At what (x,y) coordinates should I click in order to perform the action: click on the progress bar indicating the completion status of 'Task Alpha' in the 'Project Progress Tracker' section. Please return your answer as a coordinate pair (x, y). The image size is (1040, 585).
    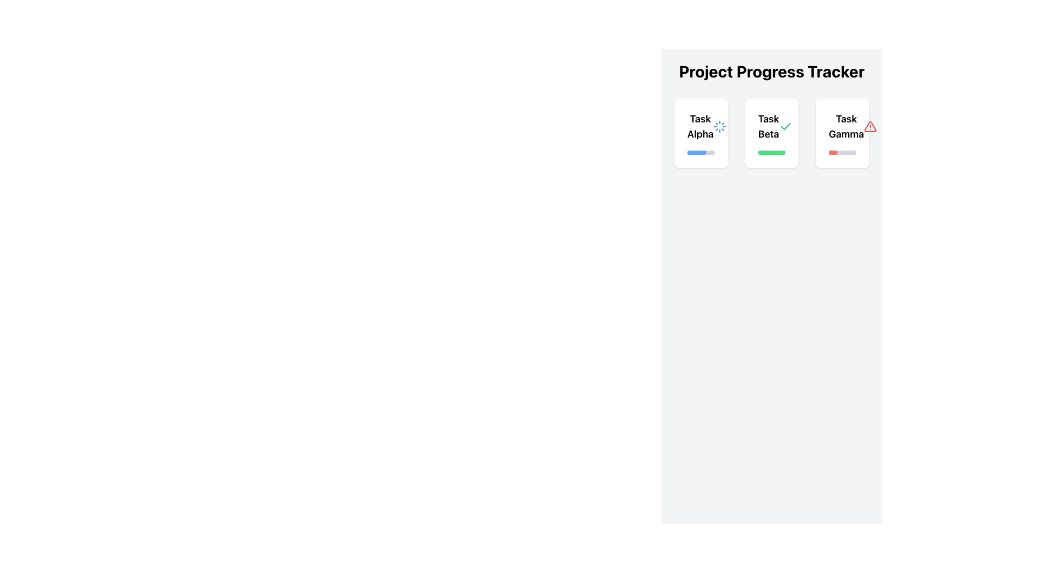
    Looking at the image, I should click on (697, 152).